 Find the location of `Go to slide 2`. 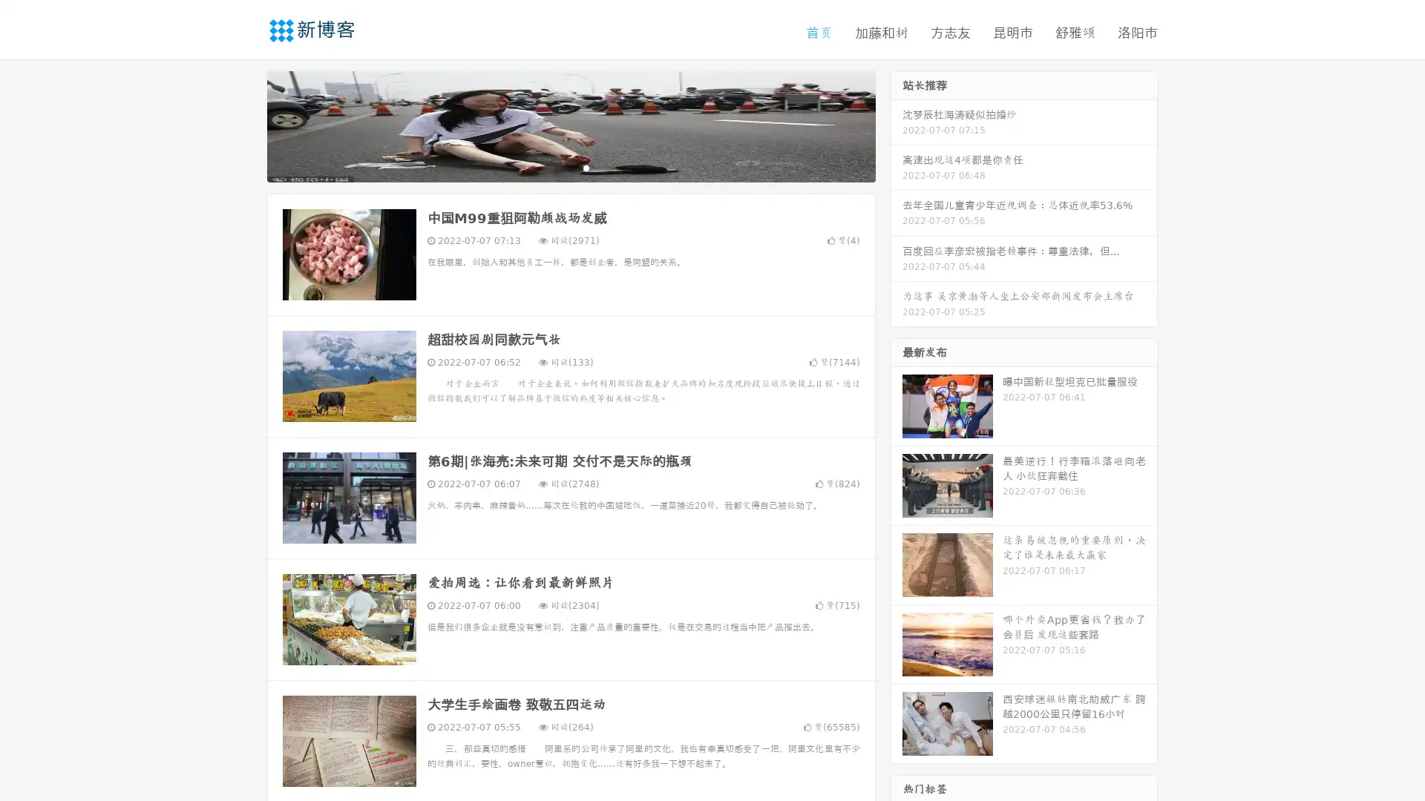

Go to slide 2 is located at coordinates (570, 167).